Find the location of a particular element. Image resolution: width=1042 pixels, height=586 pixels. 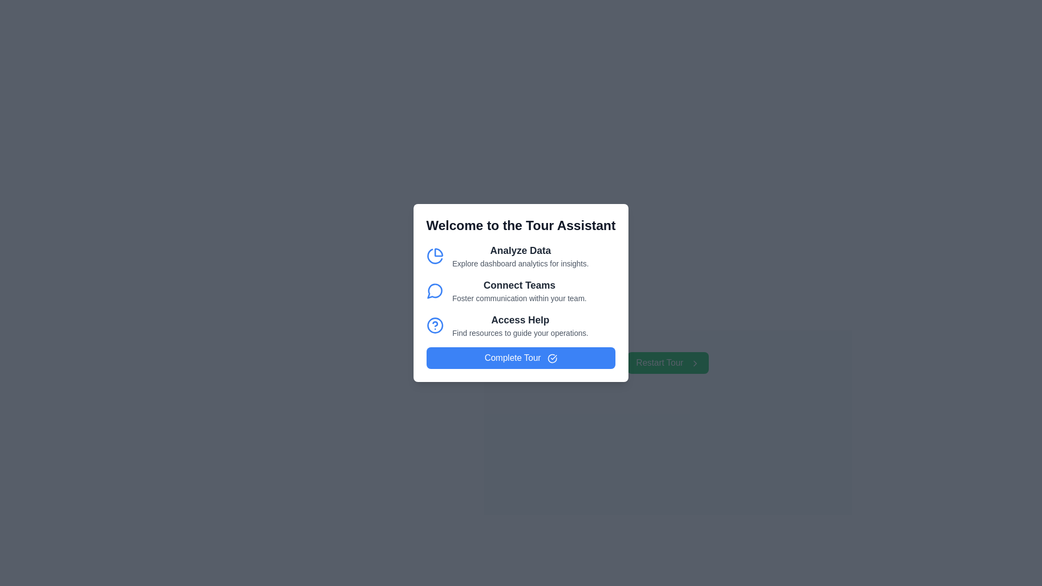

text from the 'Connect Teams' label, which consists of a bold title and a descriptive line below it, located in the center of the dialog box is located at coordinates (519, 290).